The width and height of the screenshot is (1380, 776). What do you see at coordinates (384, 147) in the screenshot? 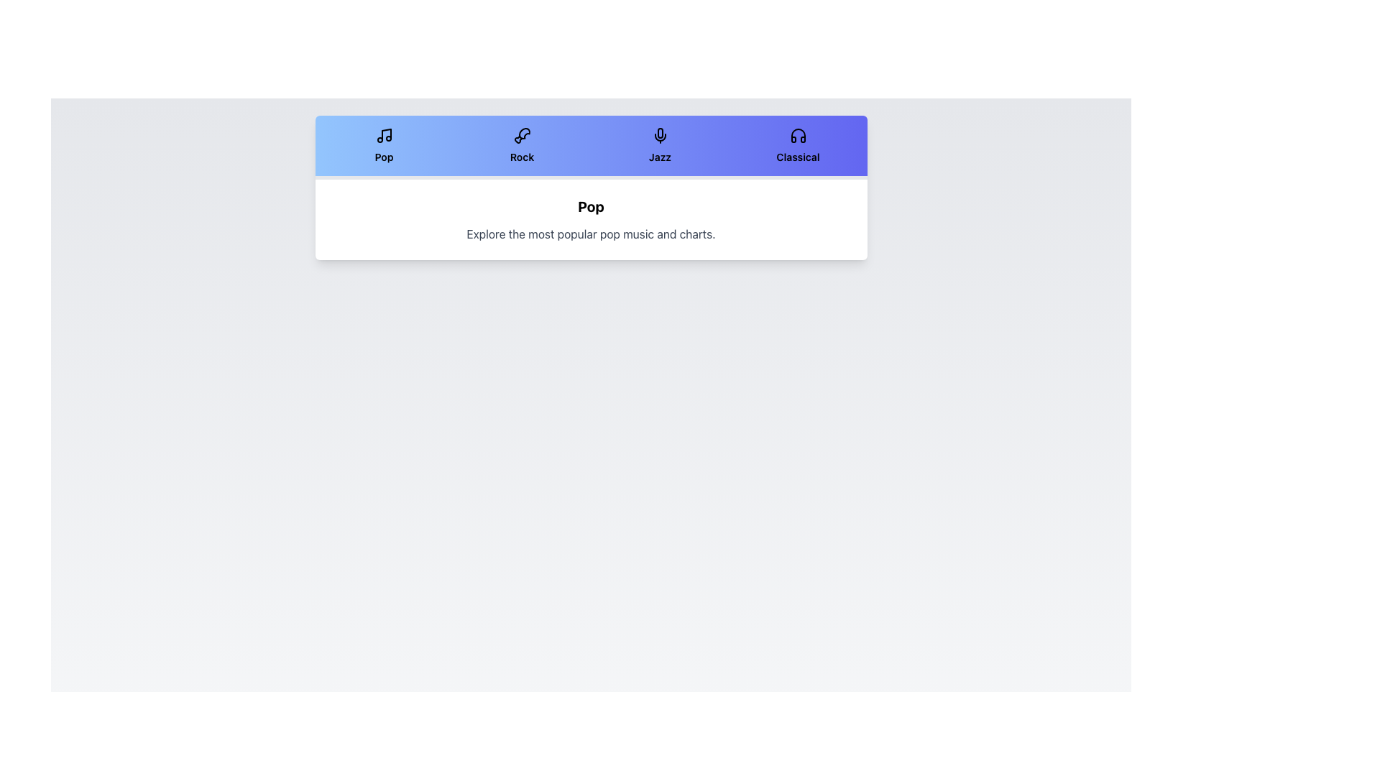
I see `the 'Pop' navigation tab, which is the first tab in the navigation bar and features a music note icon above the label` at bounding box center [384, 147].